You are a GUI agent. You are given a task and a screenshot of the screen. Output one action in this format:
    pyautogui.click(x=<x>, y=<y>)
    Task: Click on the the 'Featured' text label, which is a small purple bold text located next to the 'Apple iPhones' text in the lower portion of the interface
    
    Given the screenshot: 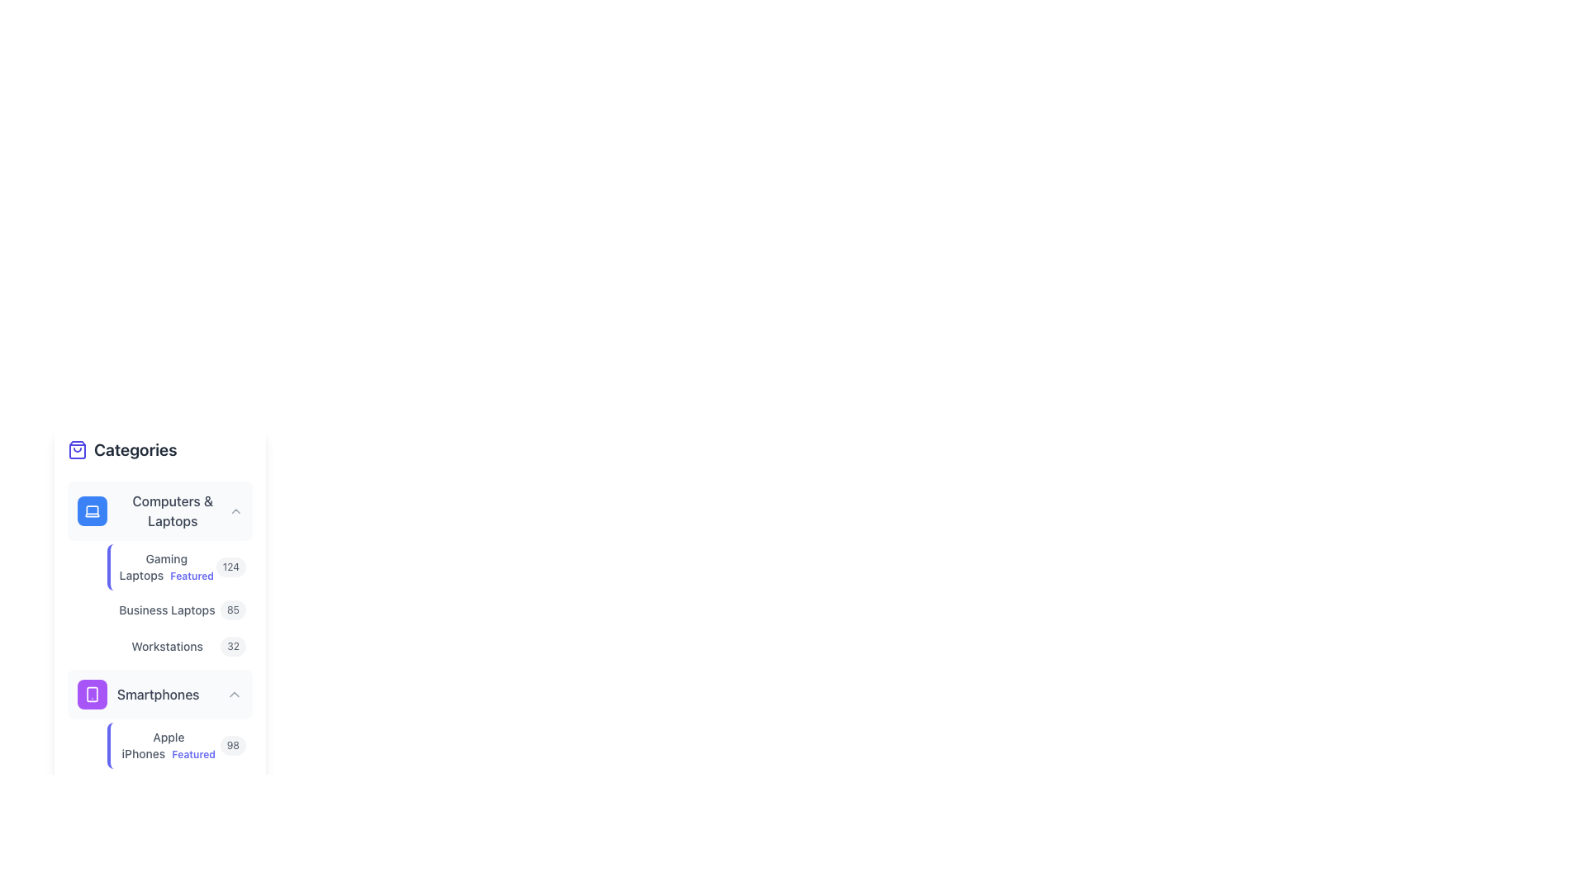 What is the action you would take?
    pyautogui.click(x=193, y=754)
    